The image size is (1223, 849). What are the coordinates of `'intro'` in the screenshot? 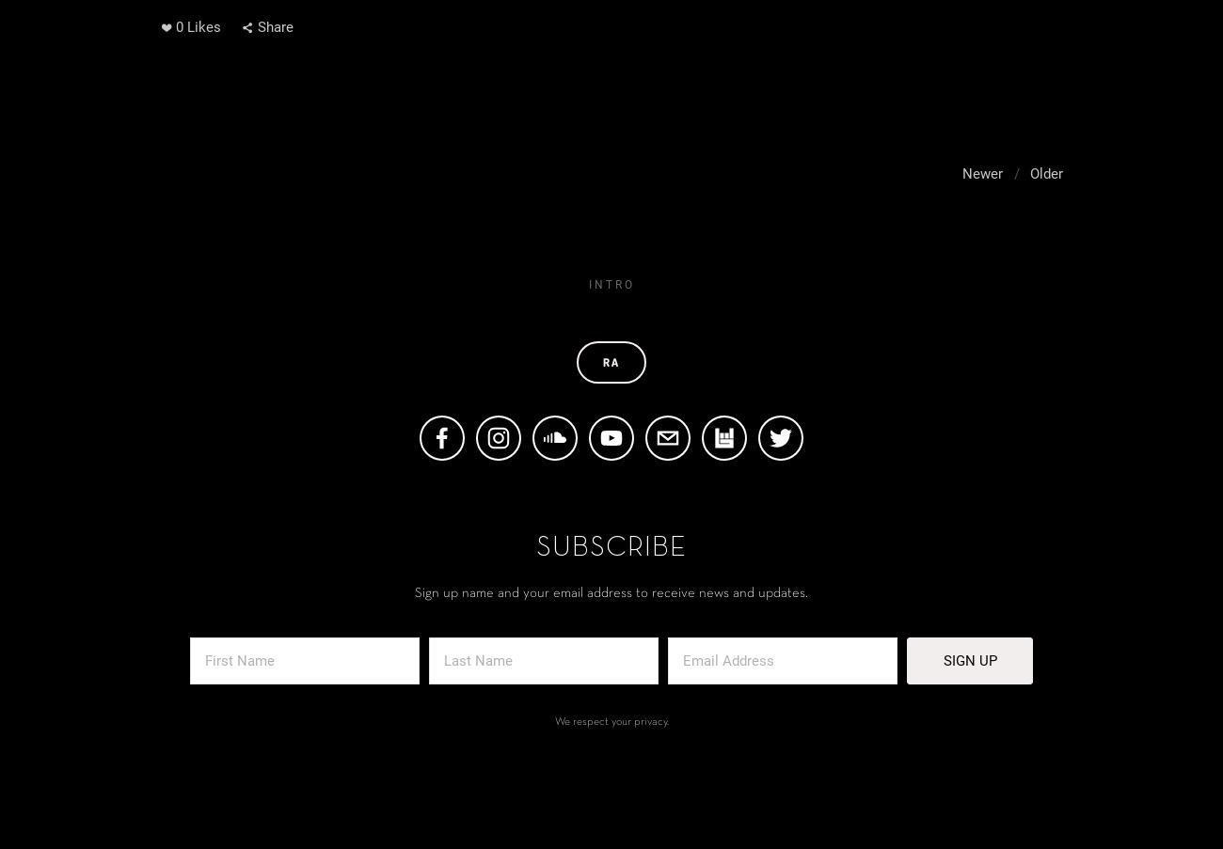 It's located at (611, 282).